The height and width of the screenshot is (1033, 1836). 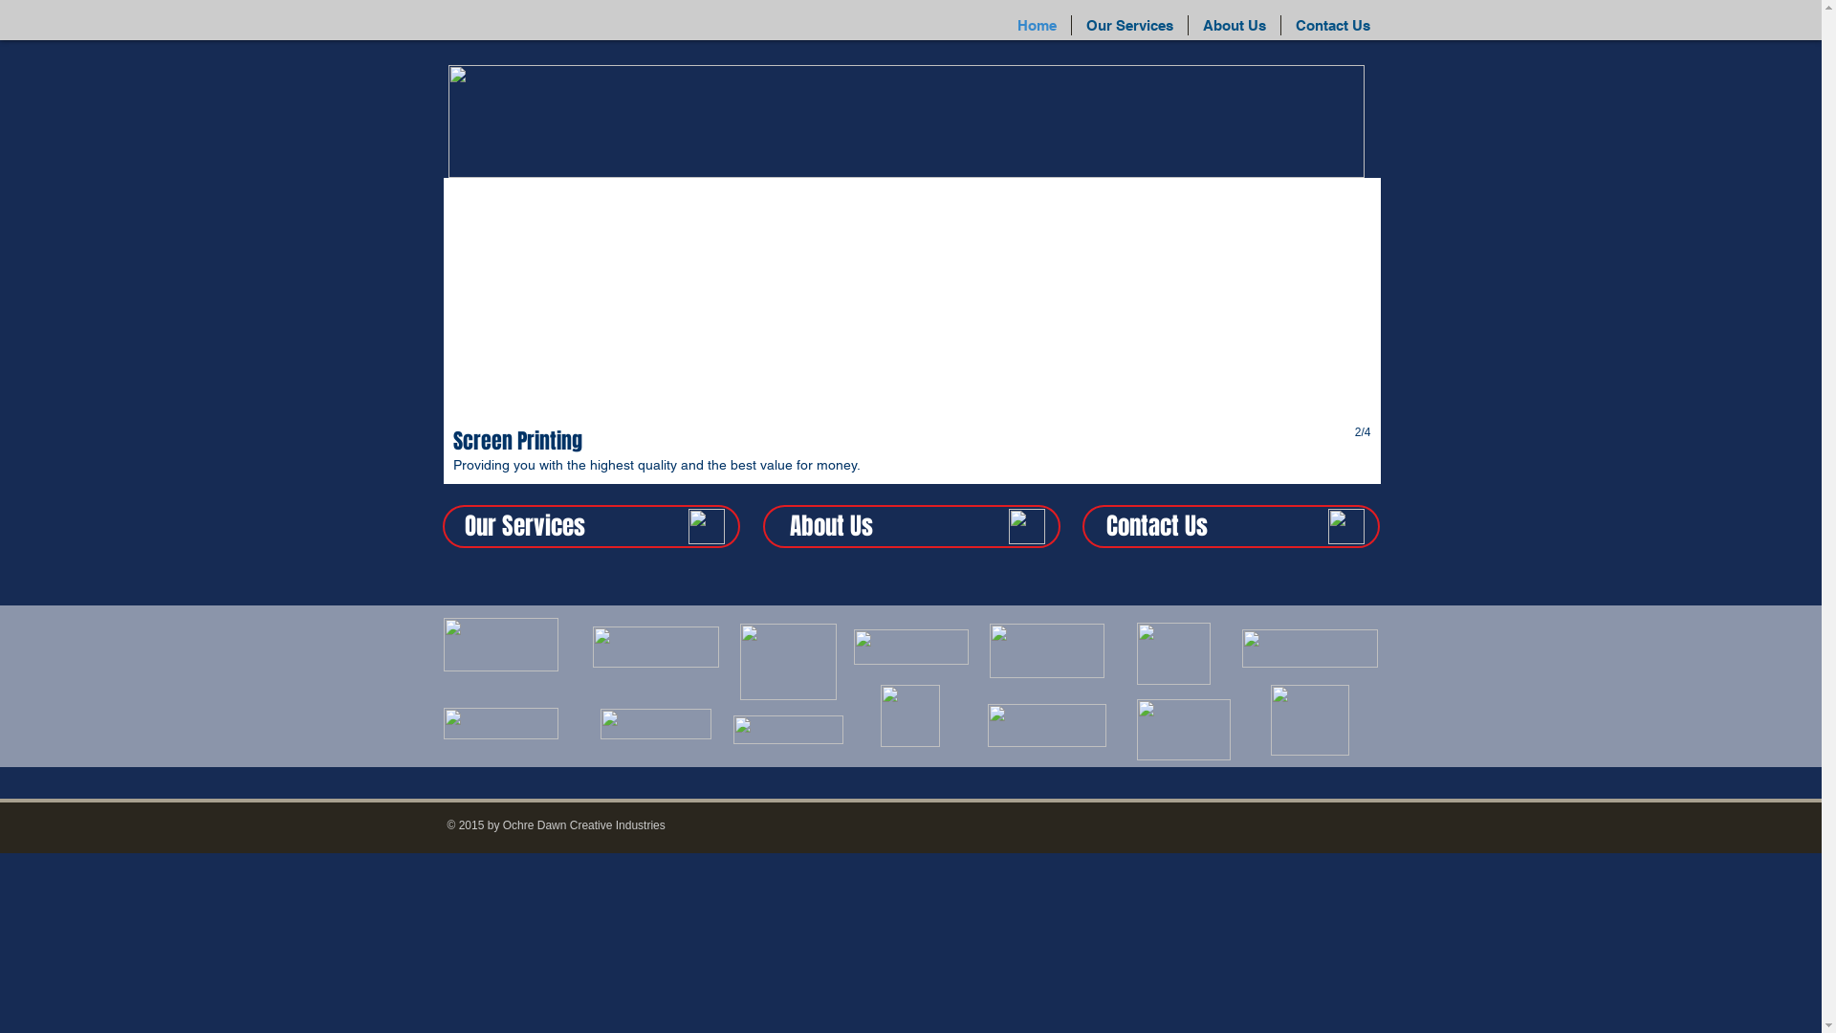 I want to click on 'Ochre Dawn Creative Industries', so click(x=582, y=824).